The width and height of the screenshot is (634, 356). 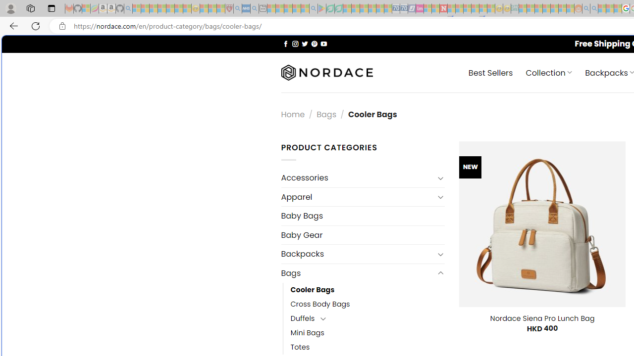 I want to click on 'New tab - Sleeping', so click(x=263, y=8).